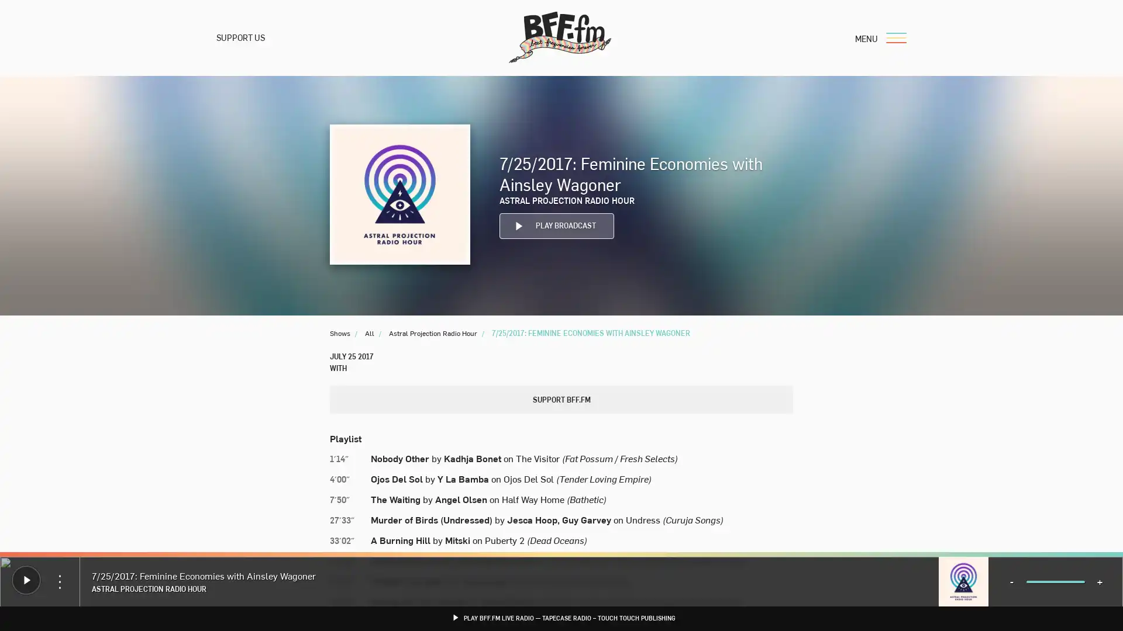  I want to click on + Volume Up, so click(1099, 581).